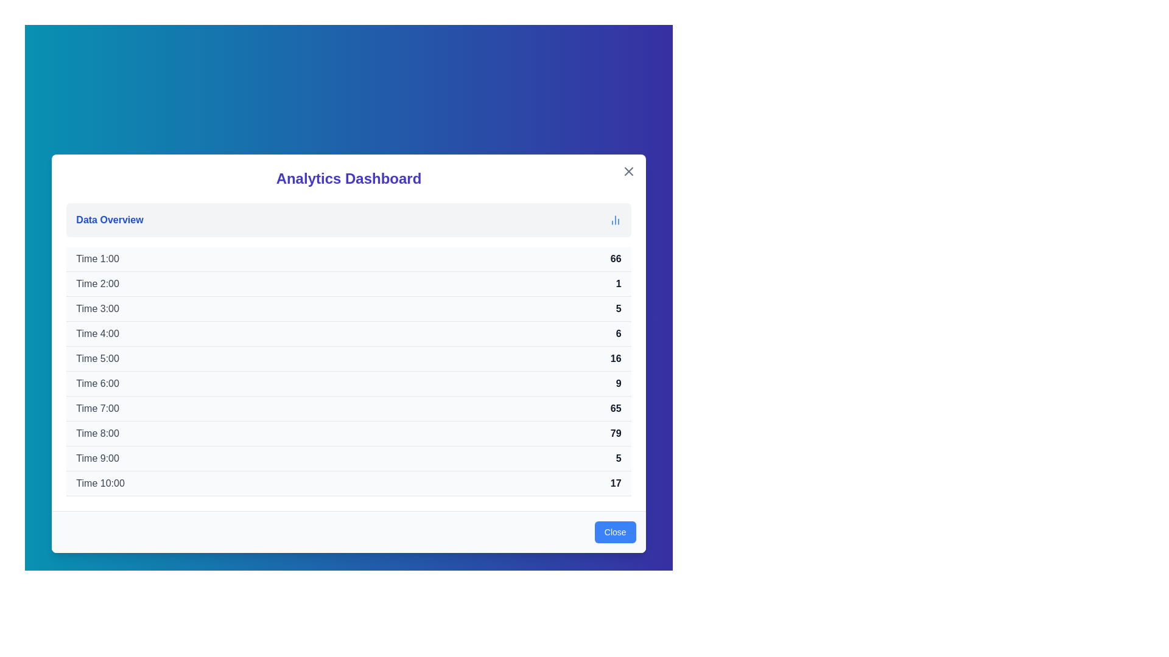 This screenshot has height=657, width=1169. Describe the element at coordinates (615, 220) in the screenshot. I see `the 'Data Overview' icon to trigger contextual actions` at that location.